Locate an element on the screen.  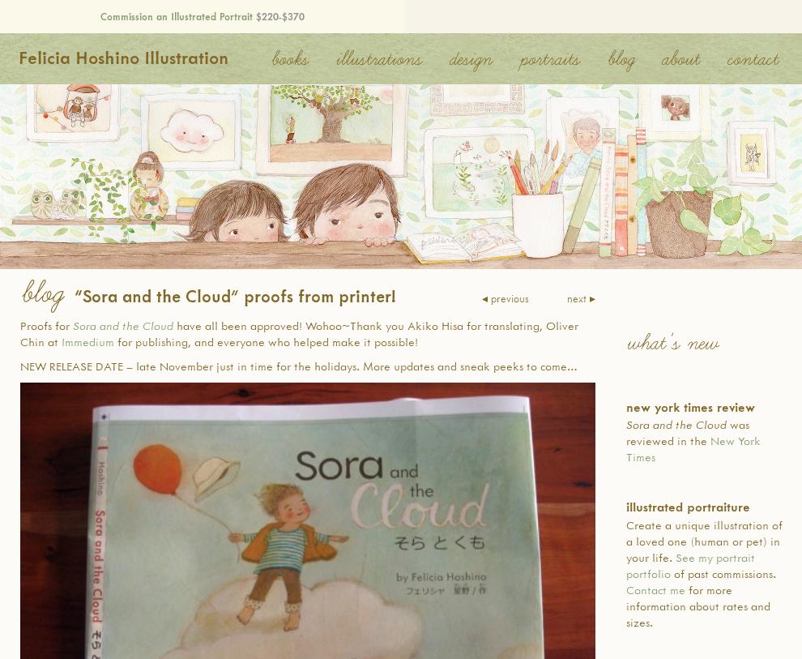
'NEW RELEASE DATE – late November just in time for the holidays. More updates and sneak peeks to come…' is located at coordinates (19, 366).